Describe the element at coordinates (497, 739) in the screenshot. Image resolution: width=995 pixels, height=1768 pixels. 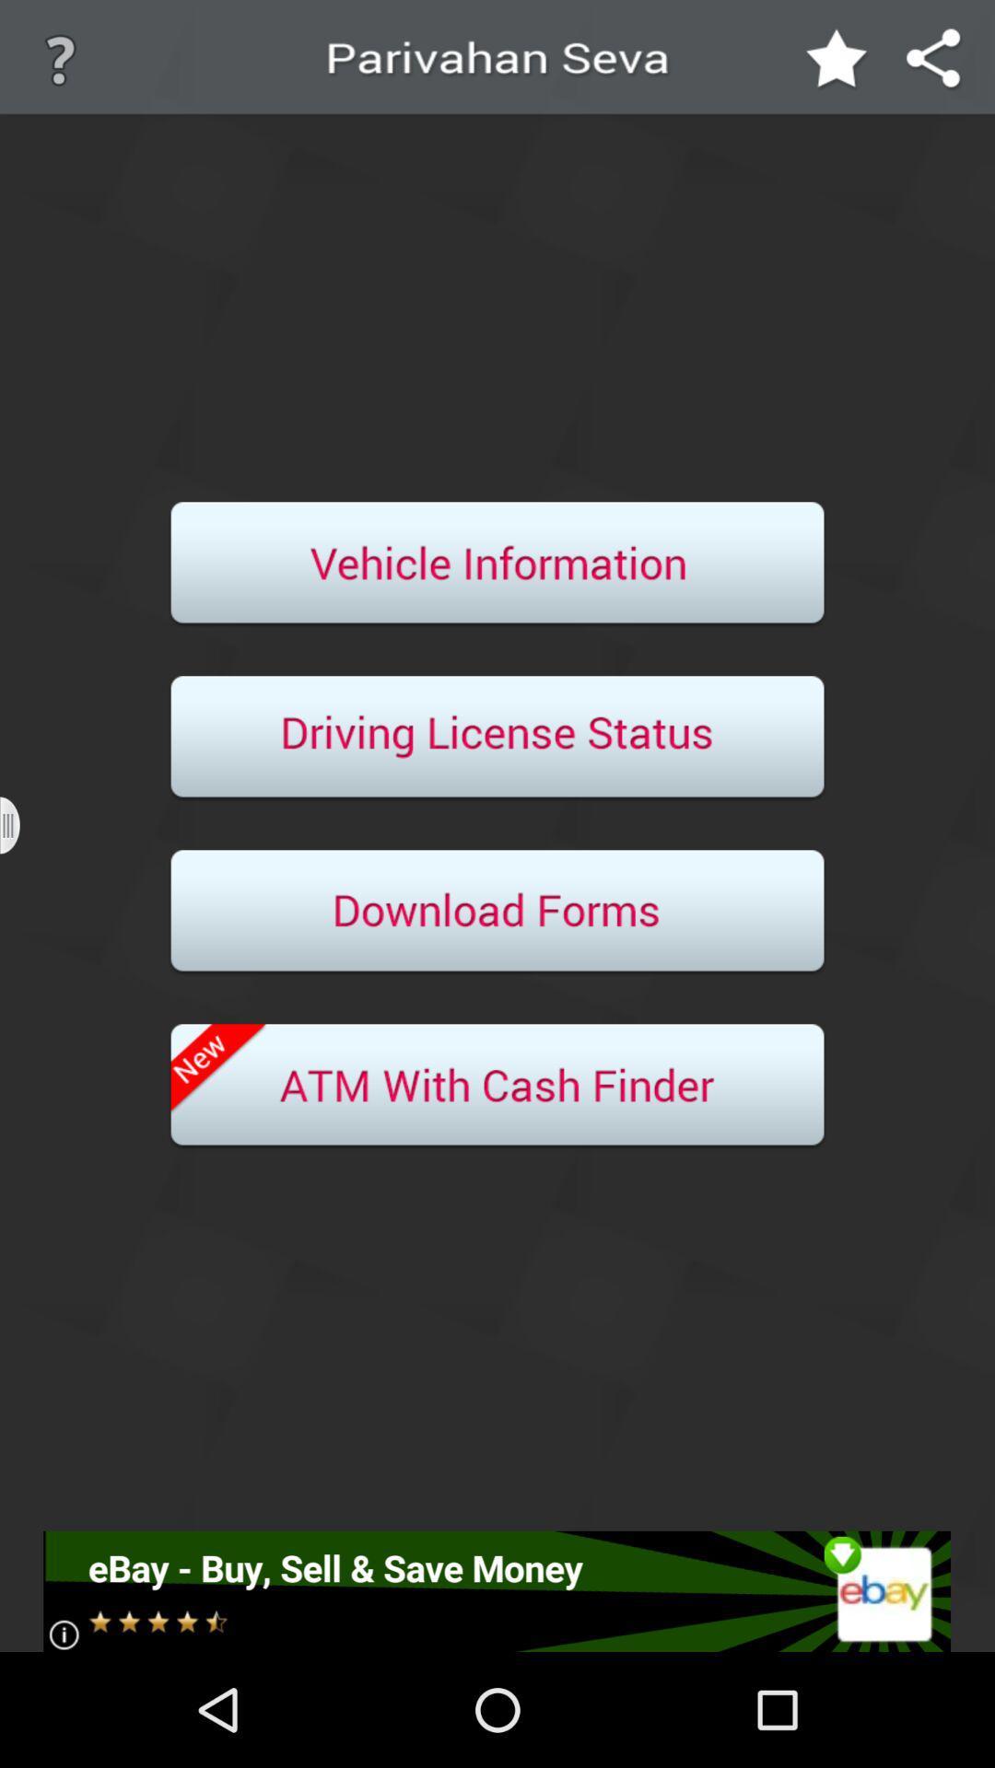
I see `driving license status` at that location.